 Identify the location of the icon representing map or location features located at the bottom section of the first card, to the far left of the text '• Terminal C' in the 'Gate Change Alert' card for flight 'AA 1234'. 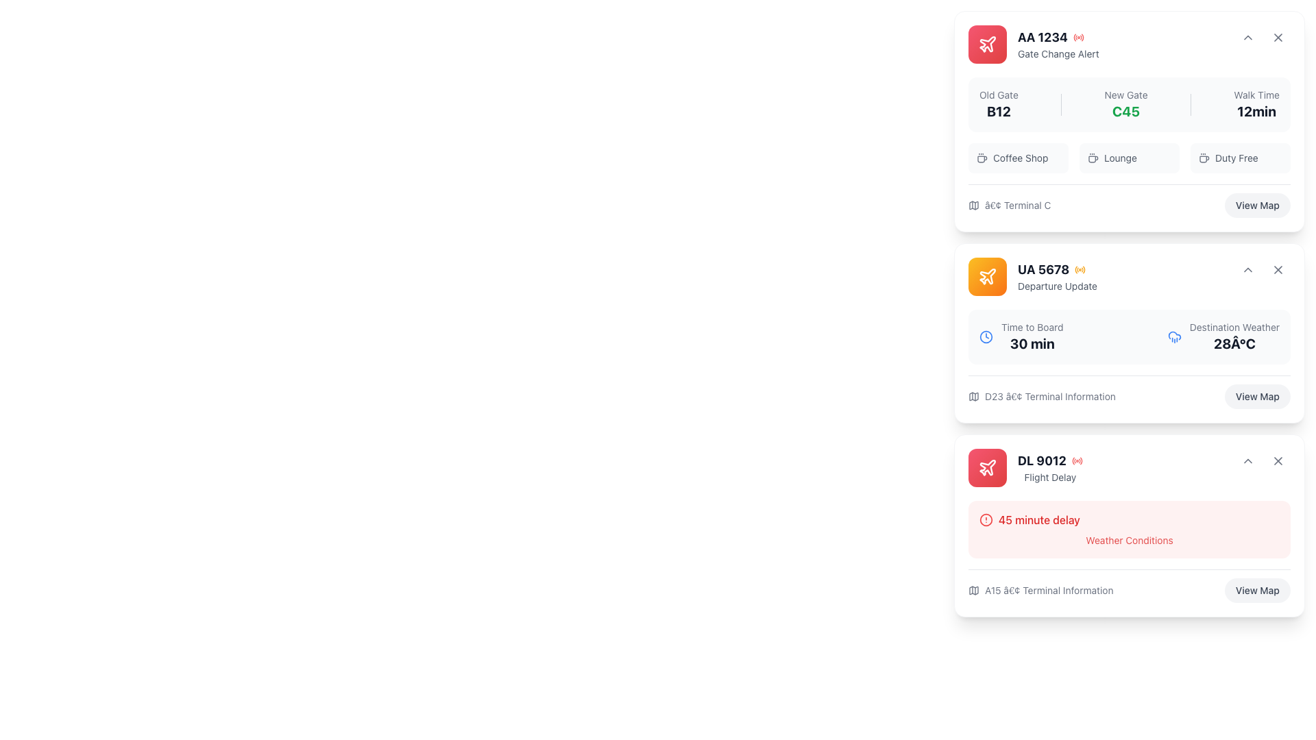
(973, 206).